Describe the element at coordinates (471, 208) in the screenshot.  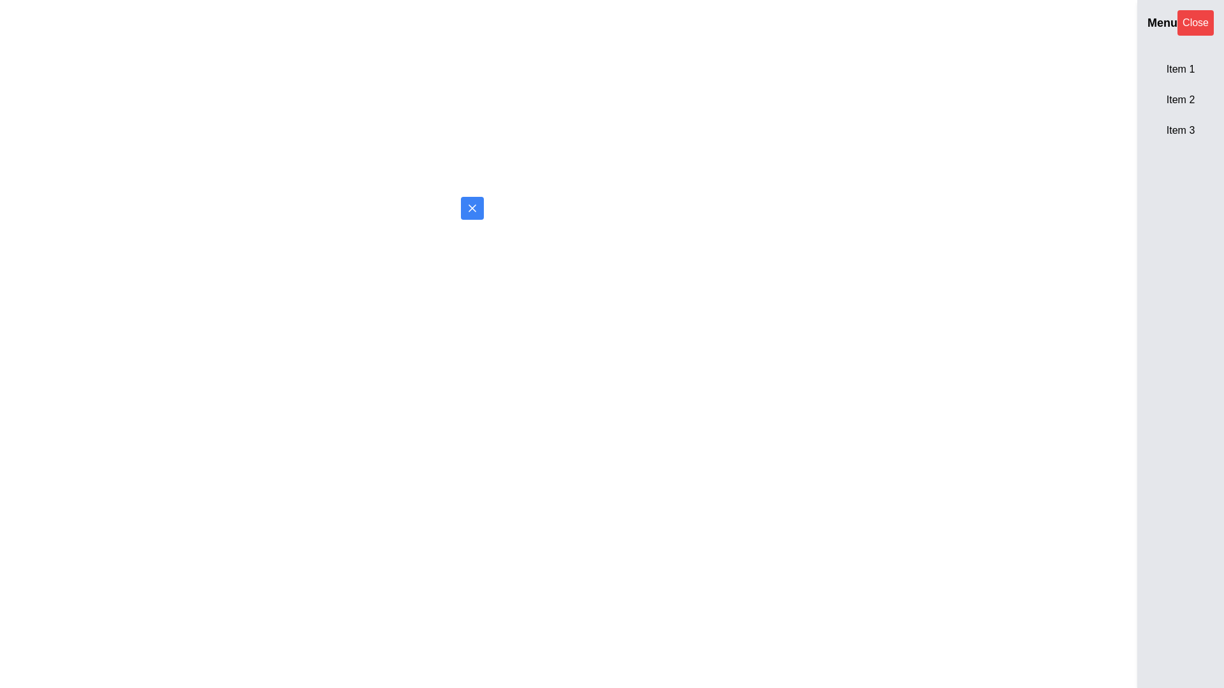
I see `the blue rectangular button with a white 'X' icon, located near the top of the modal between 'Menu' and 'Close' to observe hover effects` at that location.